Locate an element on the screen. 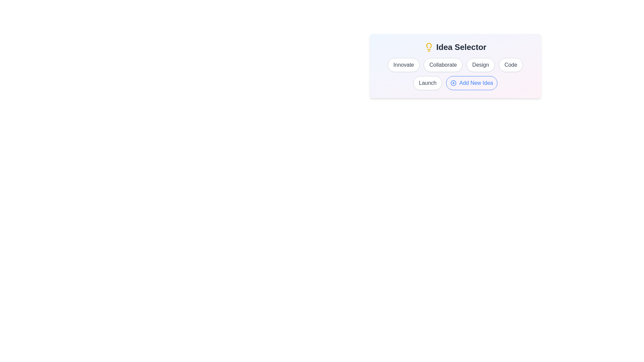 The width and height of the screenshot is (644, 362). the idea labeled Collaborate to select it is located at coordinates (443, 65).